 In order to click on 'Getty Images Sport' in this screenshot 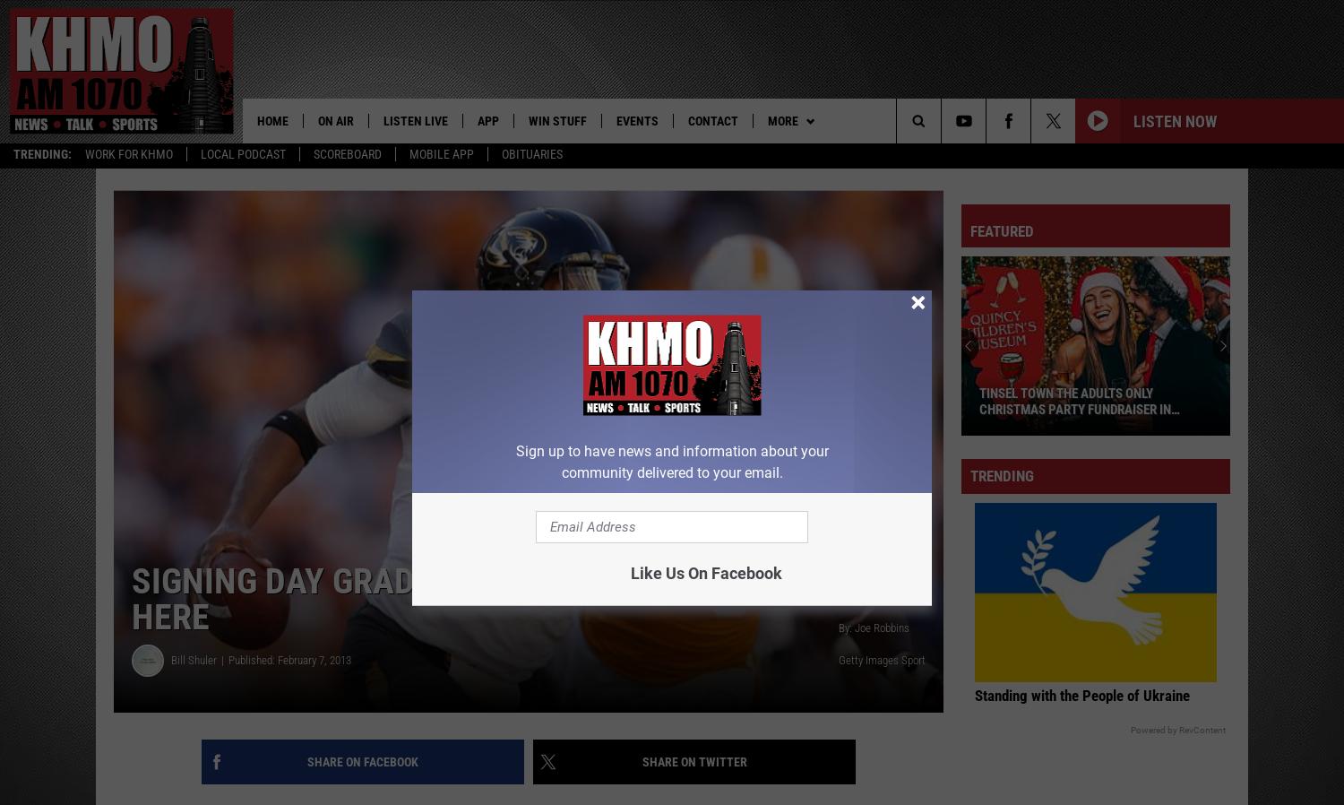, I will do `click(881, 663)`.